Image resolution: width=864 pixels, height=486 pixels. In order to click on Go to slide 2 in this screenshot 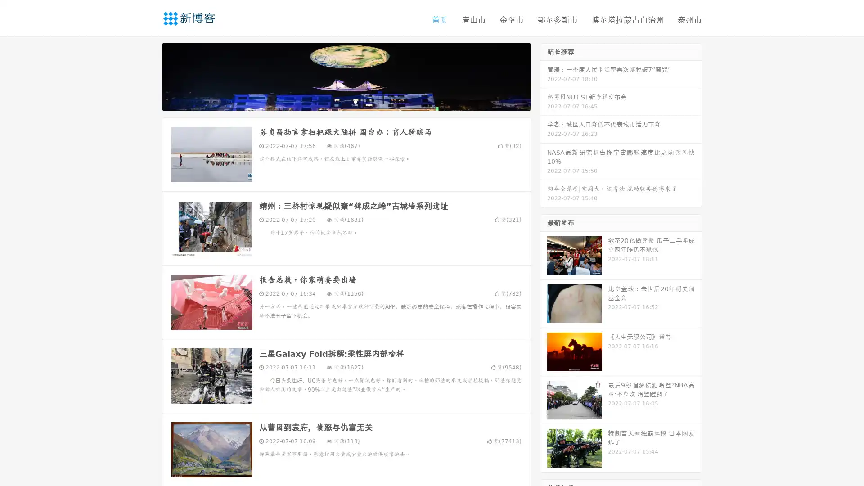, I will do `click(346, 101)`.